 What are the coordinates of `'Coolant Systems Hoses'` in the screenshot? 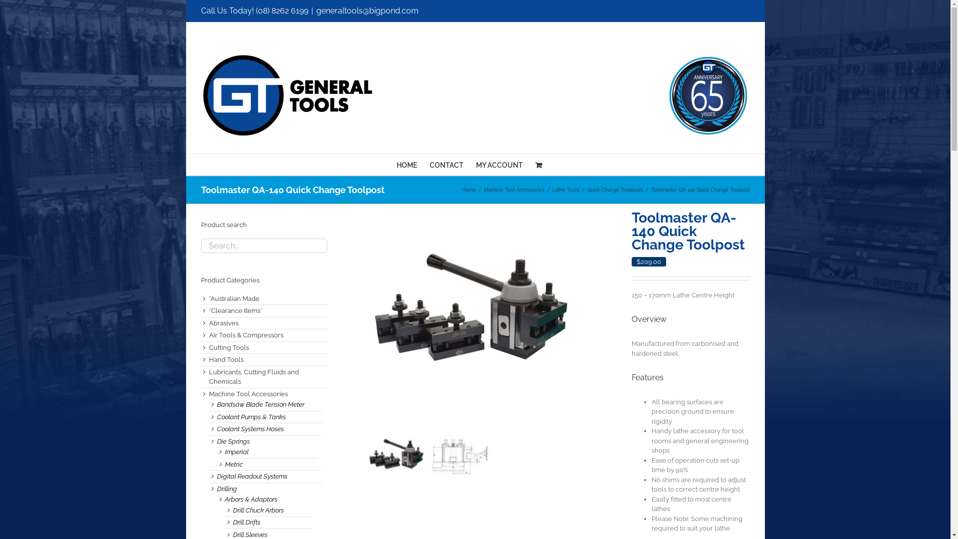 It's located at (249, 428).